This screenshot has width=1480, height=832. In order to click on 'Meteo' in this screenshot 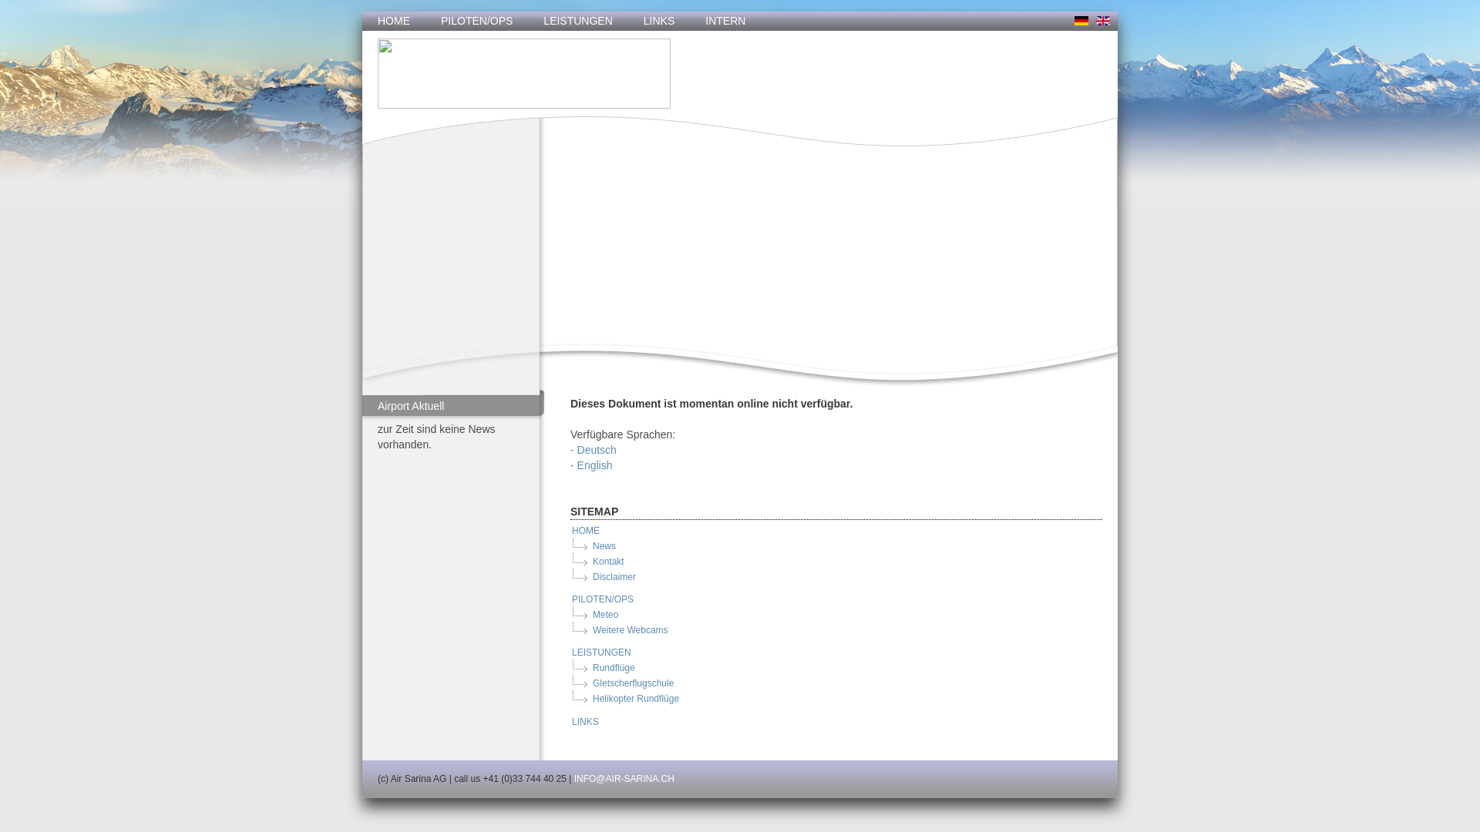, I will do `click(590, 614)`.